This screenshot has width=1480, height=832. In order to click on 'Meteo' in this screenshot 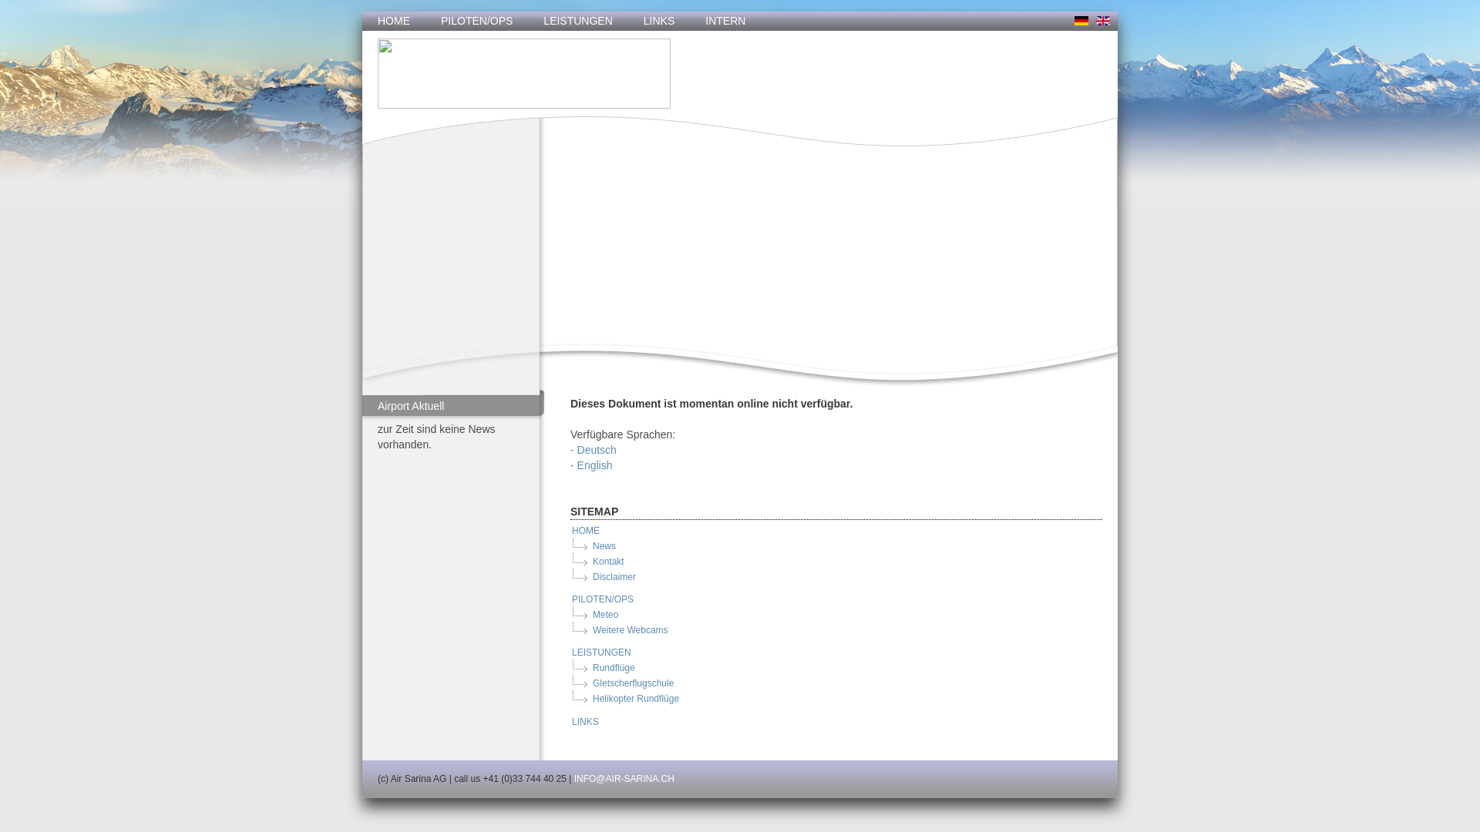, I will do `click(590, 614)`.